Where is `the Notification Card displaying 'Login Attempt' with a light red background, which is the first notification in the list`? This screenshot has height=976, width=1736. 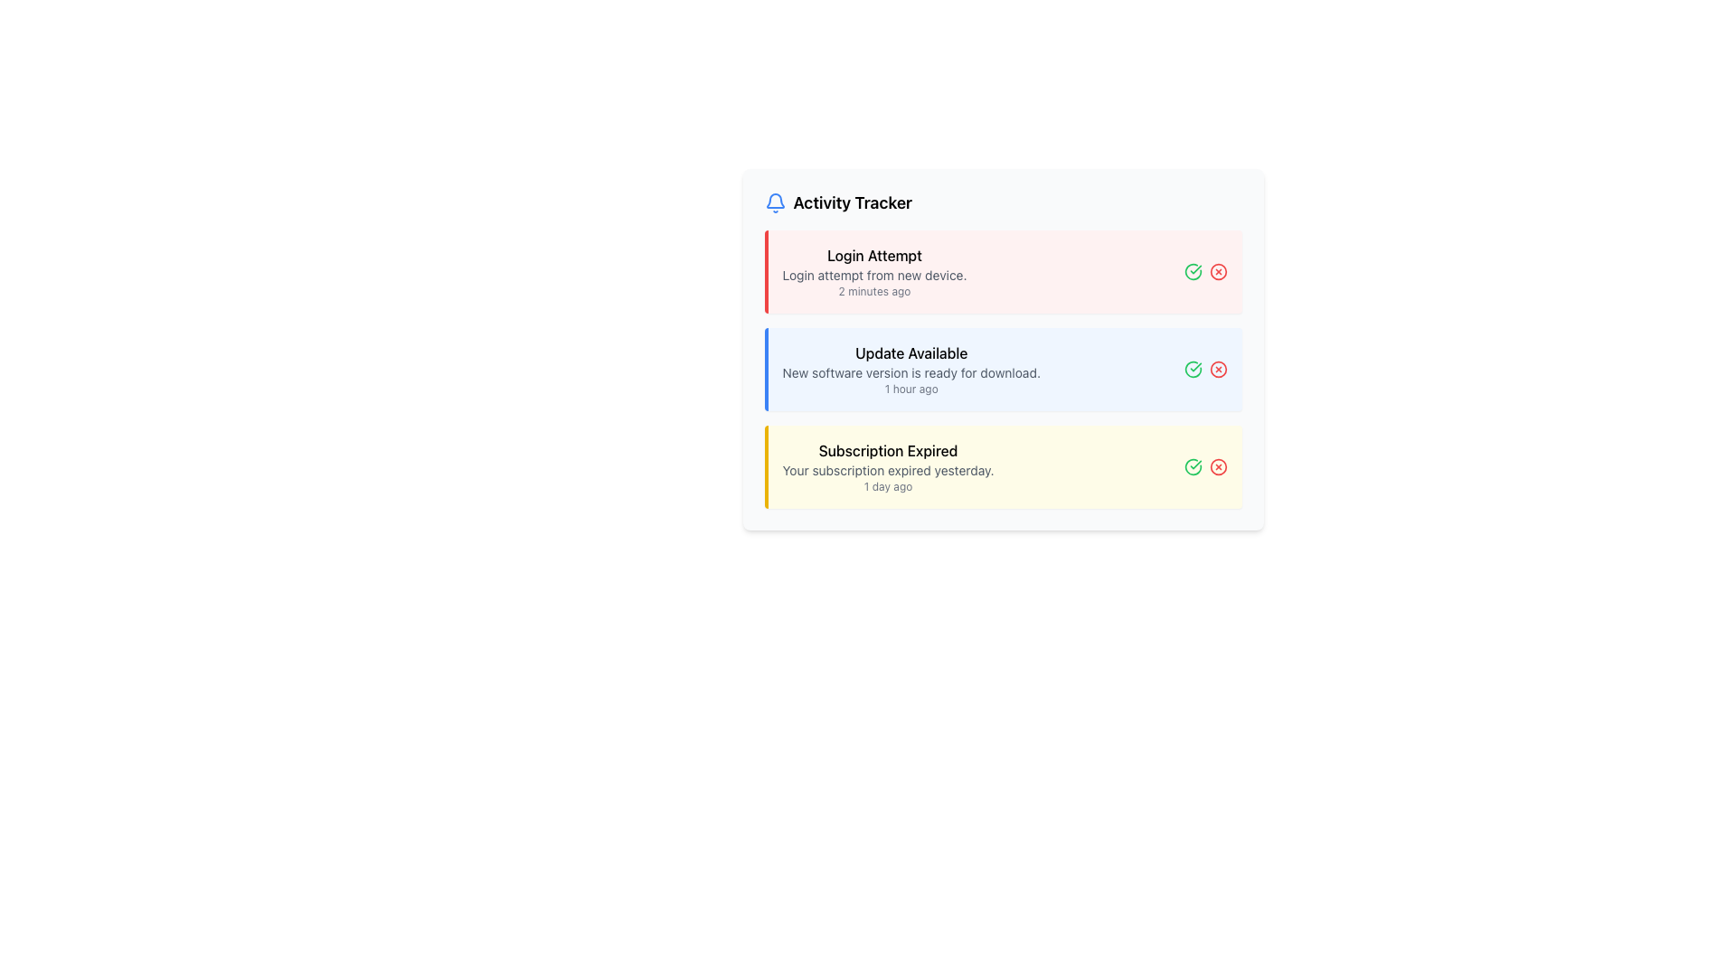 the Notification Card displaying 'Login Attempt' with a light red background, which is the first notification in the list is located at coordinates (874, 271).